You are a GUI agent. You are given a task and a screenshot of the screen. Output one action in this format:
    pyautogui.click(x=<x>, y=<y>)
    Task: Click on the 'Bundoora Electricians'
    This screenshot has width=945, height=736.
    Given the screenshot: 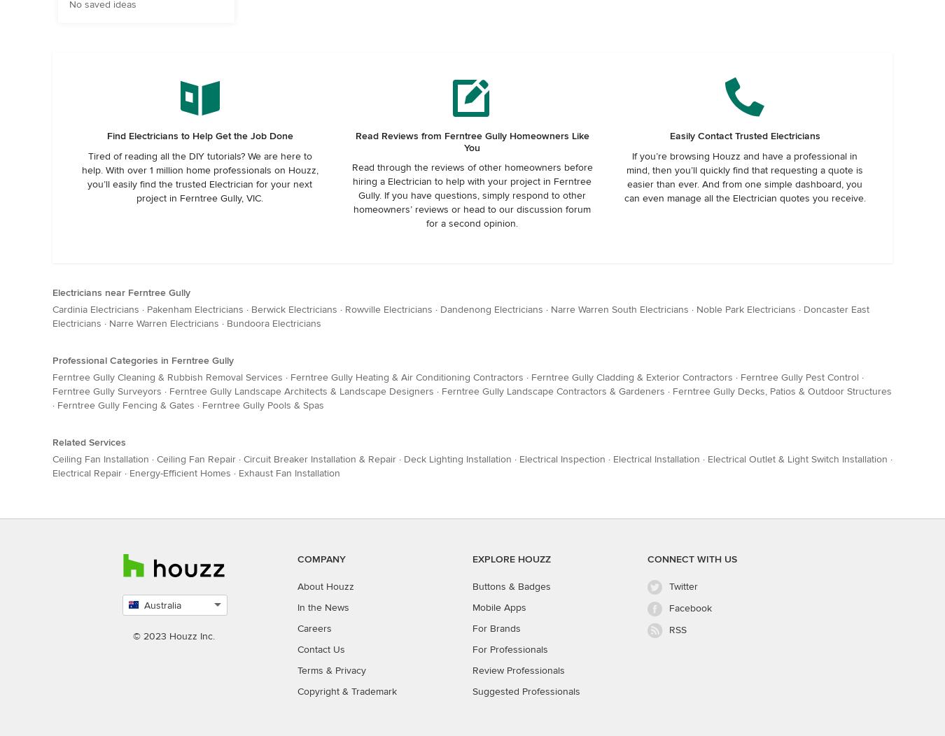 What is the action you would take?
    pyautogui.click(x=274, y=323)
    